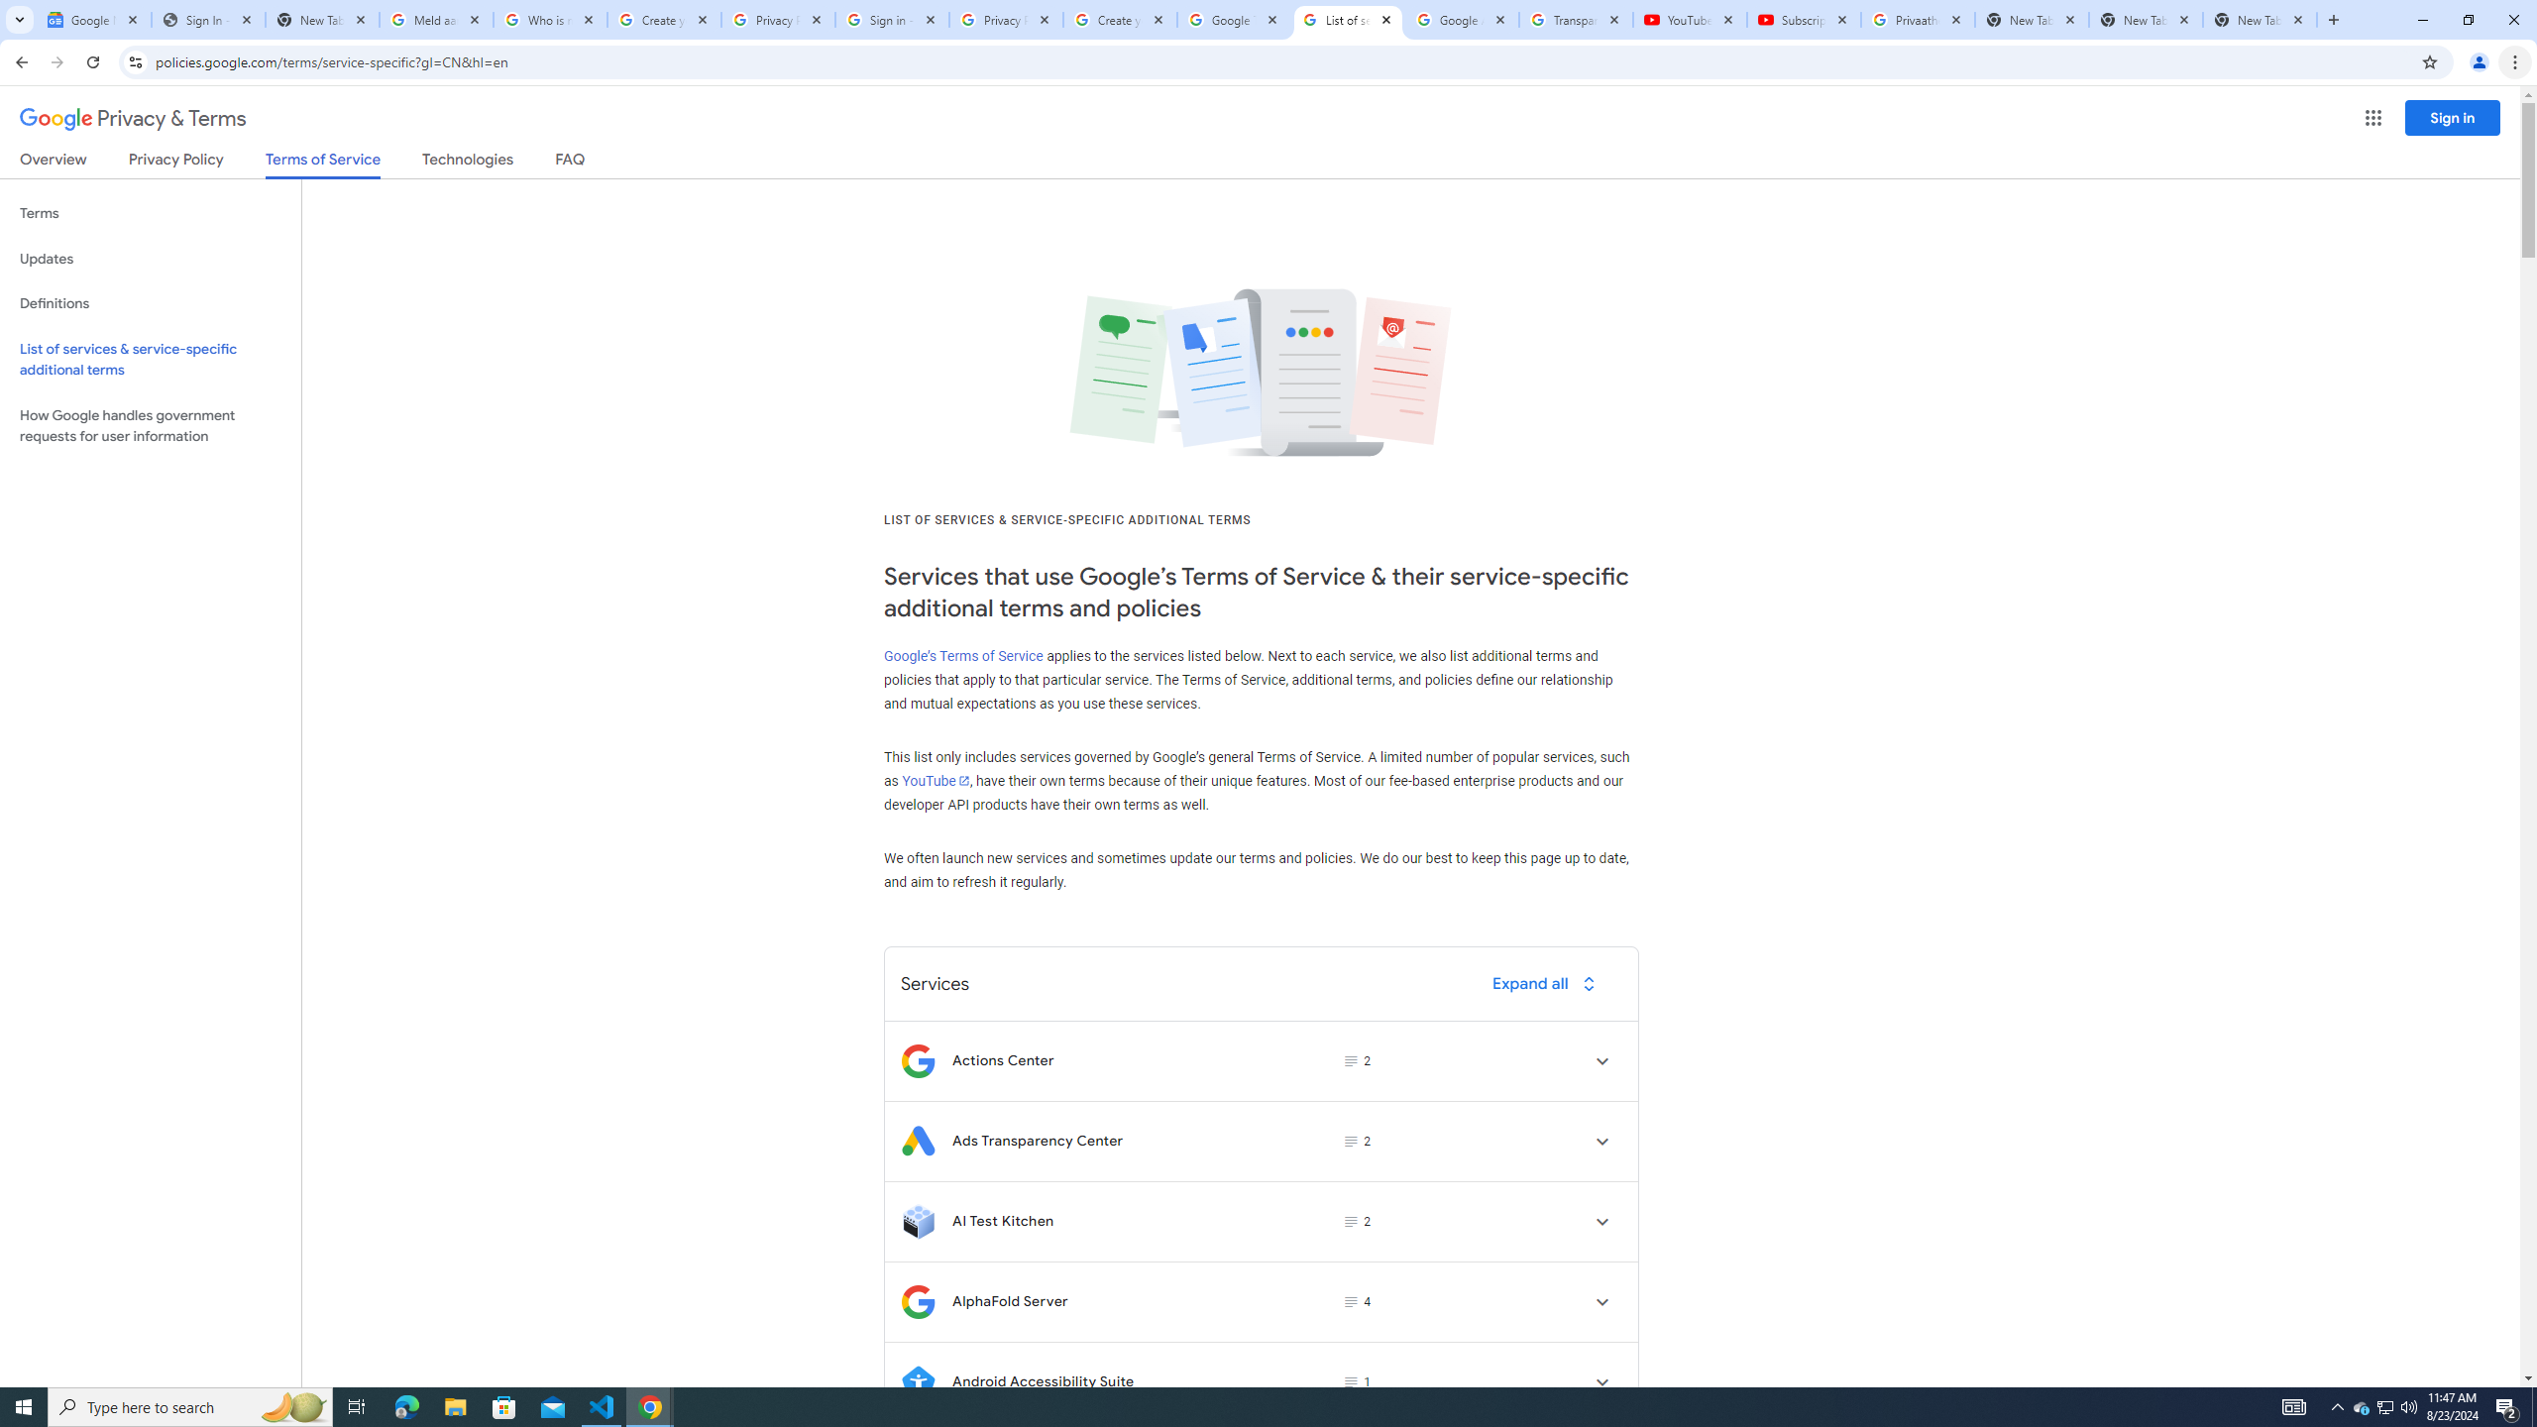  What do you see at coordinates (468, 163) in the screenshot?
I see `'Technologies'` at bounding box center [468, 163].